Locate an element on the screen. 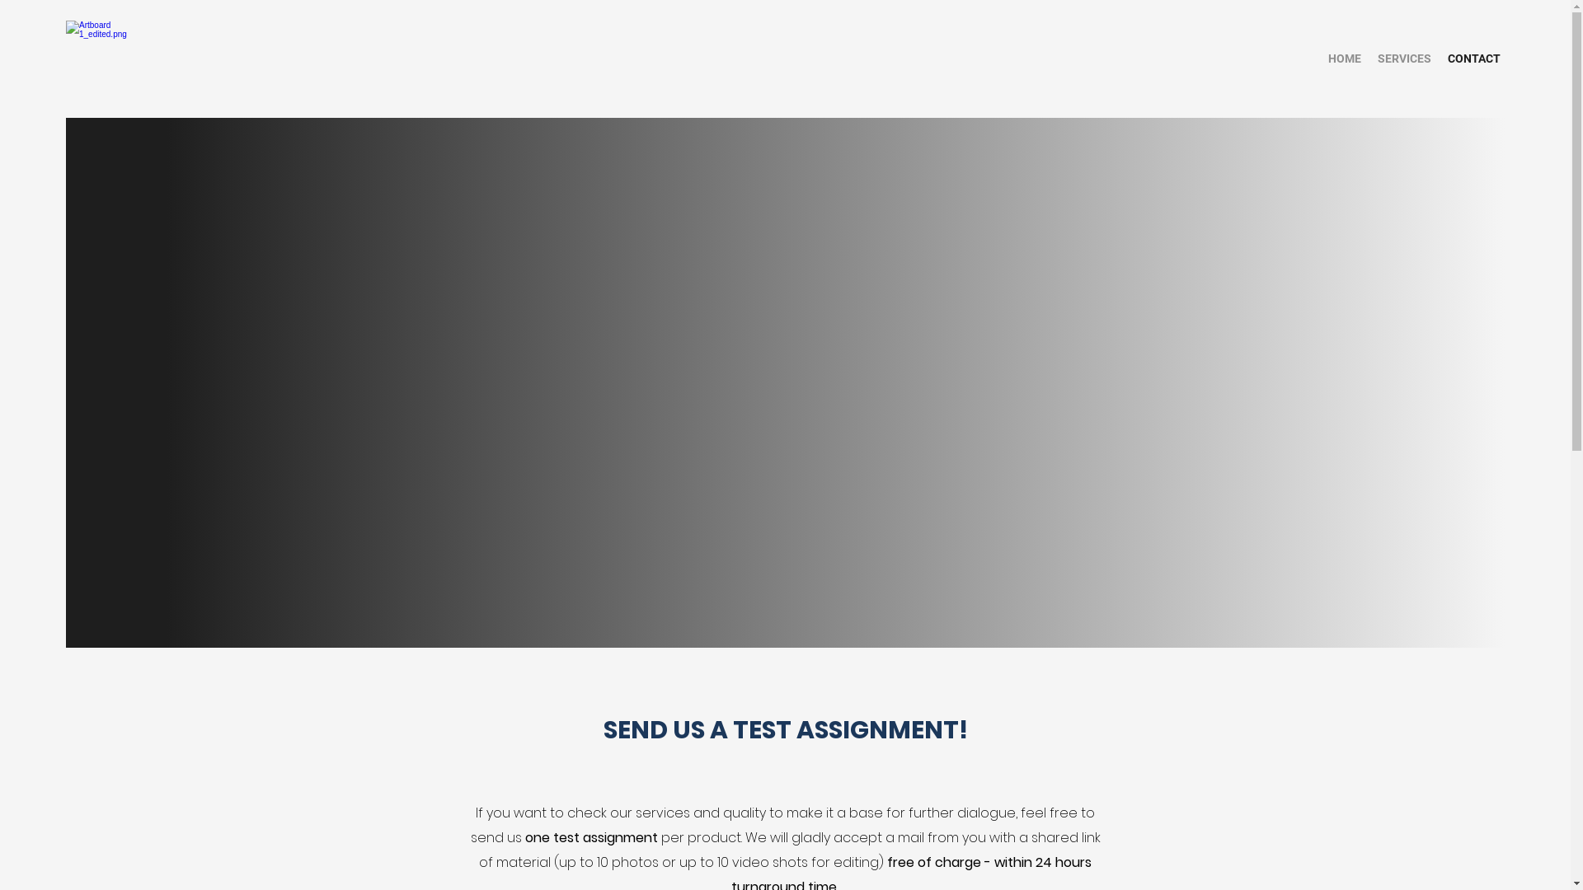 The height and width of the screenshot is (890, 1583). 'CONTACT' is located at coordinates (1474, 58).